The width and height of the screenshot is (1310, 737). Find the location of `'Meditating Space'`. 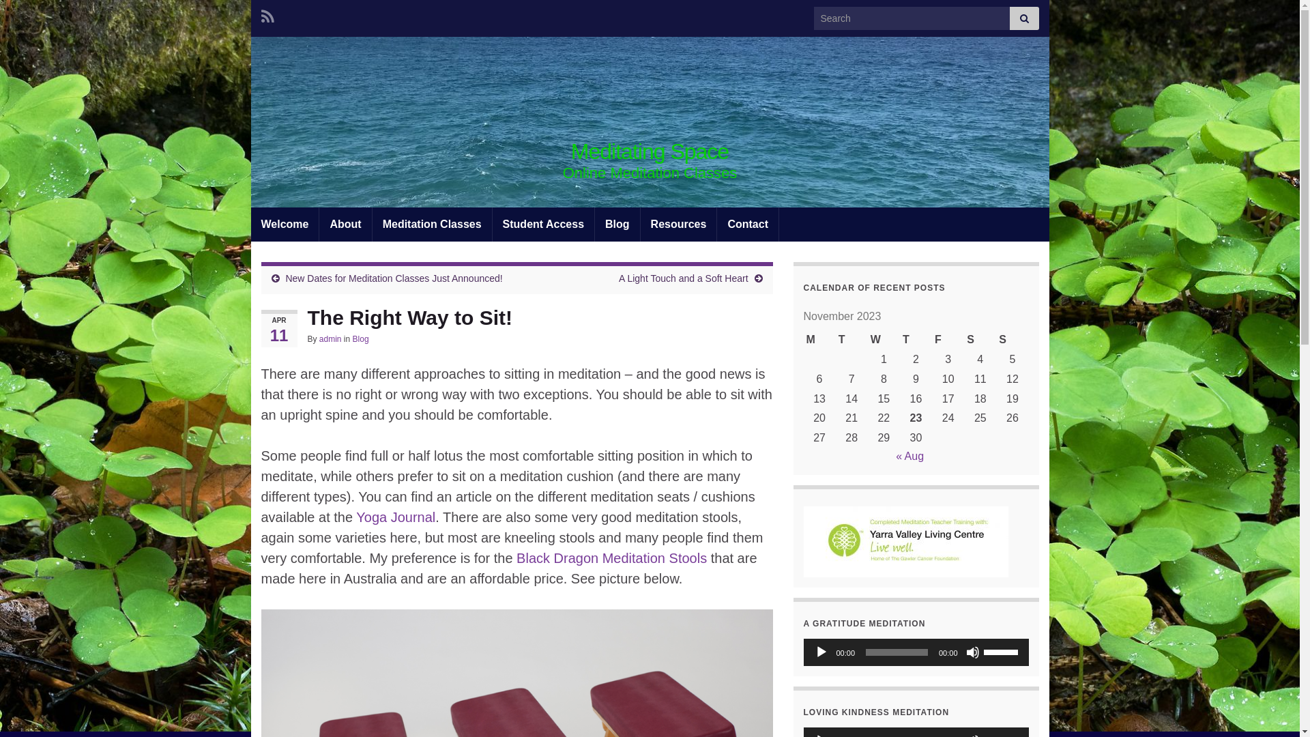

'Meditating Space' is located at coordinates (649, 151).